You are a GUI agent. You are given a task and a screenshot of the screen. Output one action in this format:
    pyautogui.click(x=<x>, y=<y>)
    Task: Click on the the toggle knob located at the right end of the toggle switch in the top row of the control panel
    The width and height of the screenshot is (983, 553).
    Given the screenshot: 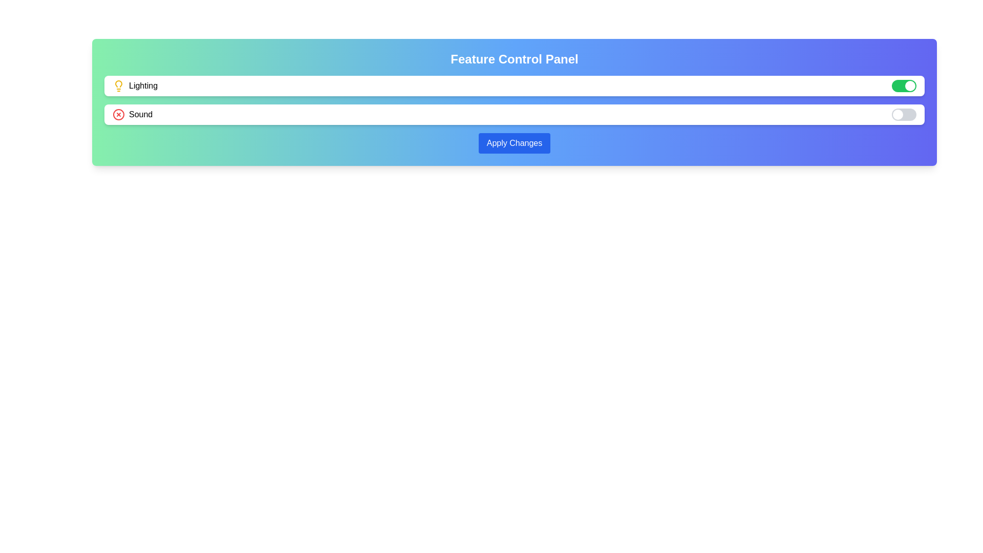 What is the action you would take?
    pyautogui.click(x=910, y=86)
    